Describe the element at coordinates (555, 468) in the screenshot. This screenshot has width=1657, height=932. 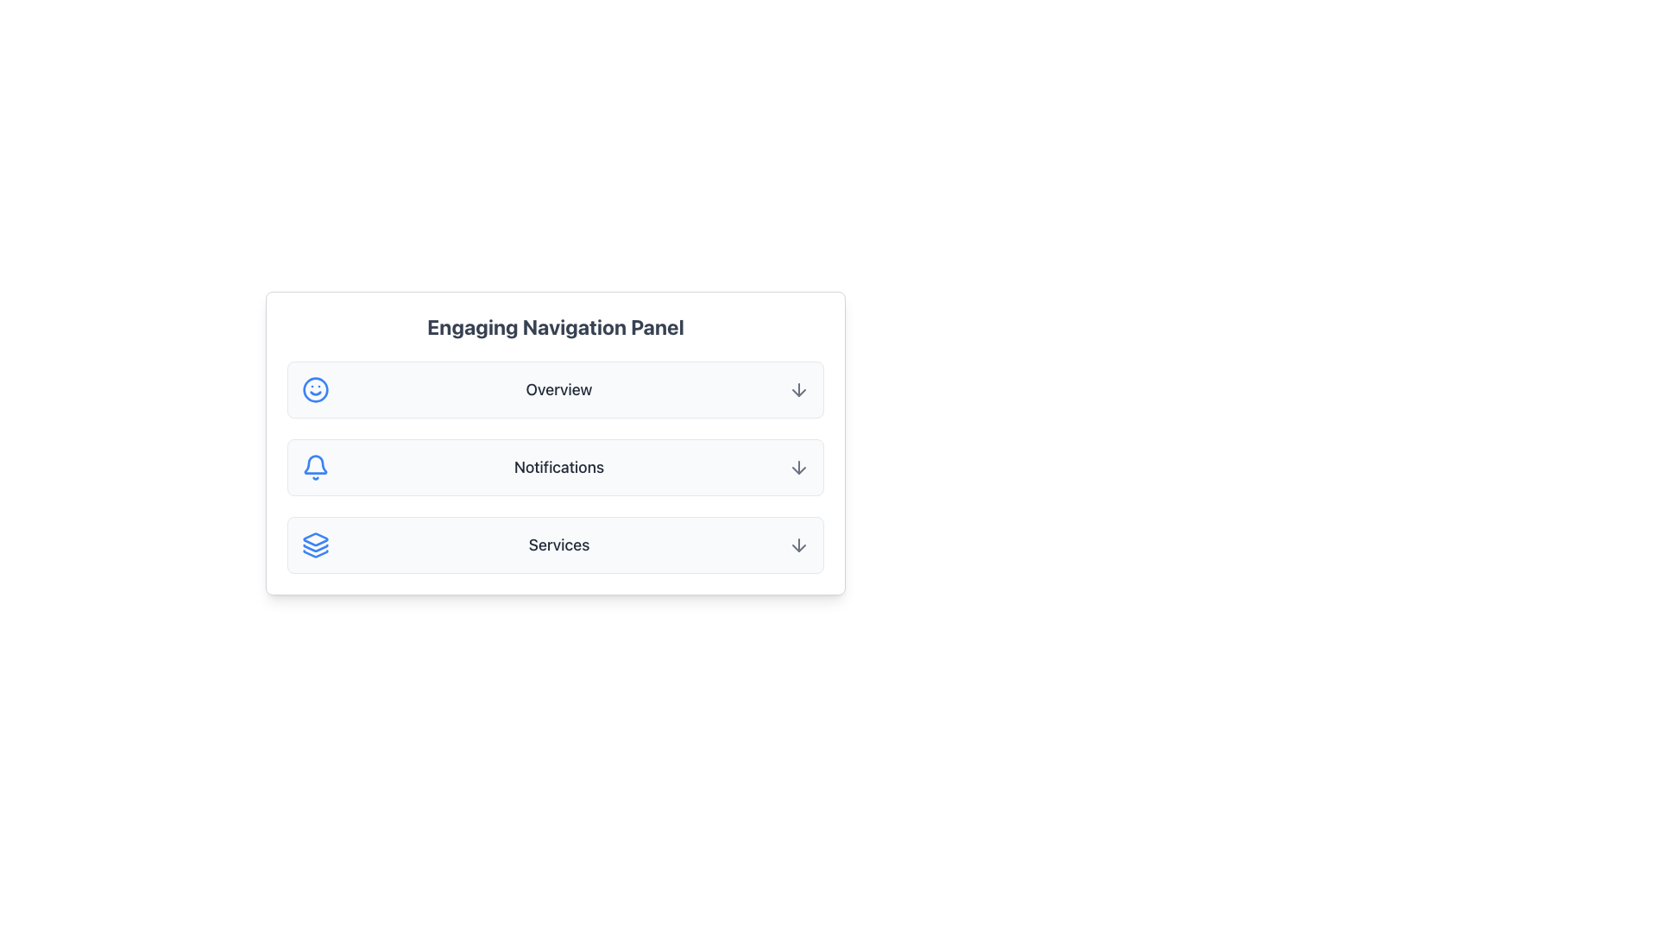
I see `the Navigation Panel` at that location.